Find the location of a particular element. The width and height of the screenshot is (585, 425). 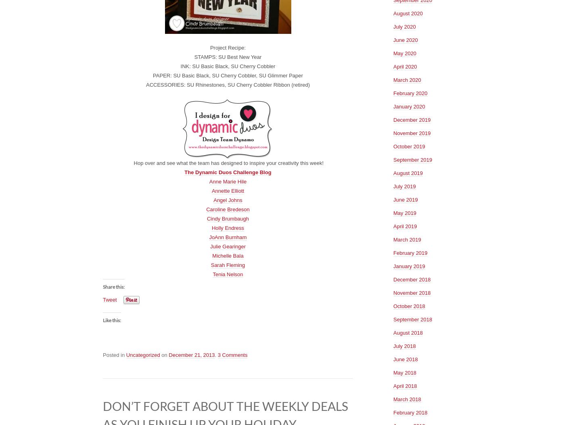

'July 2018' is located at coordinates (393, 346).